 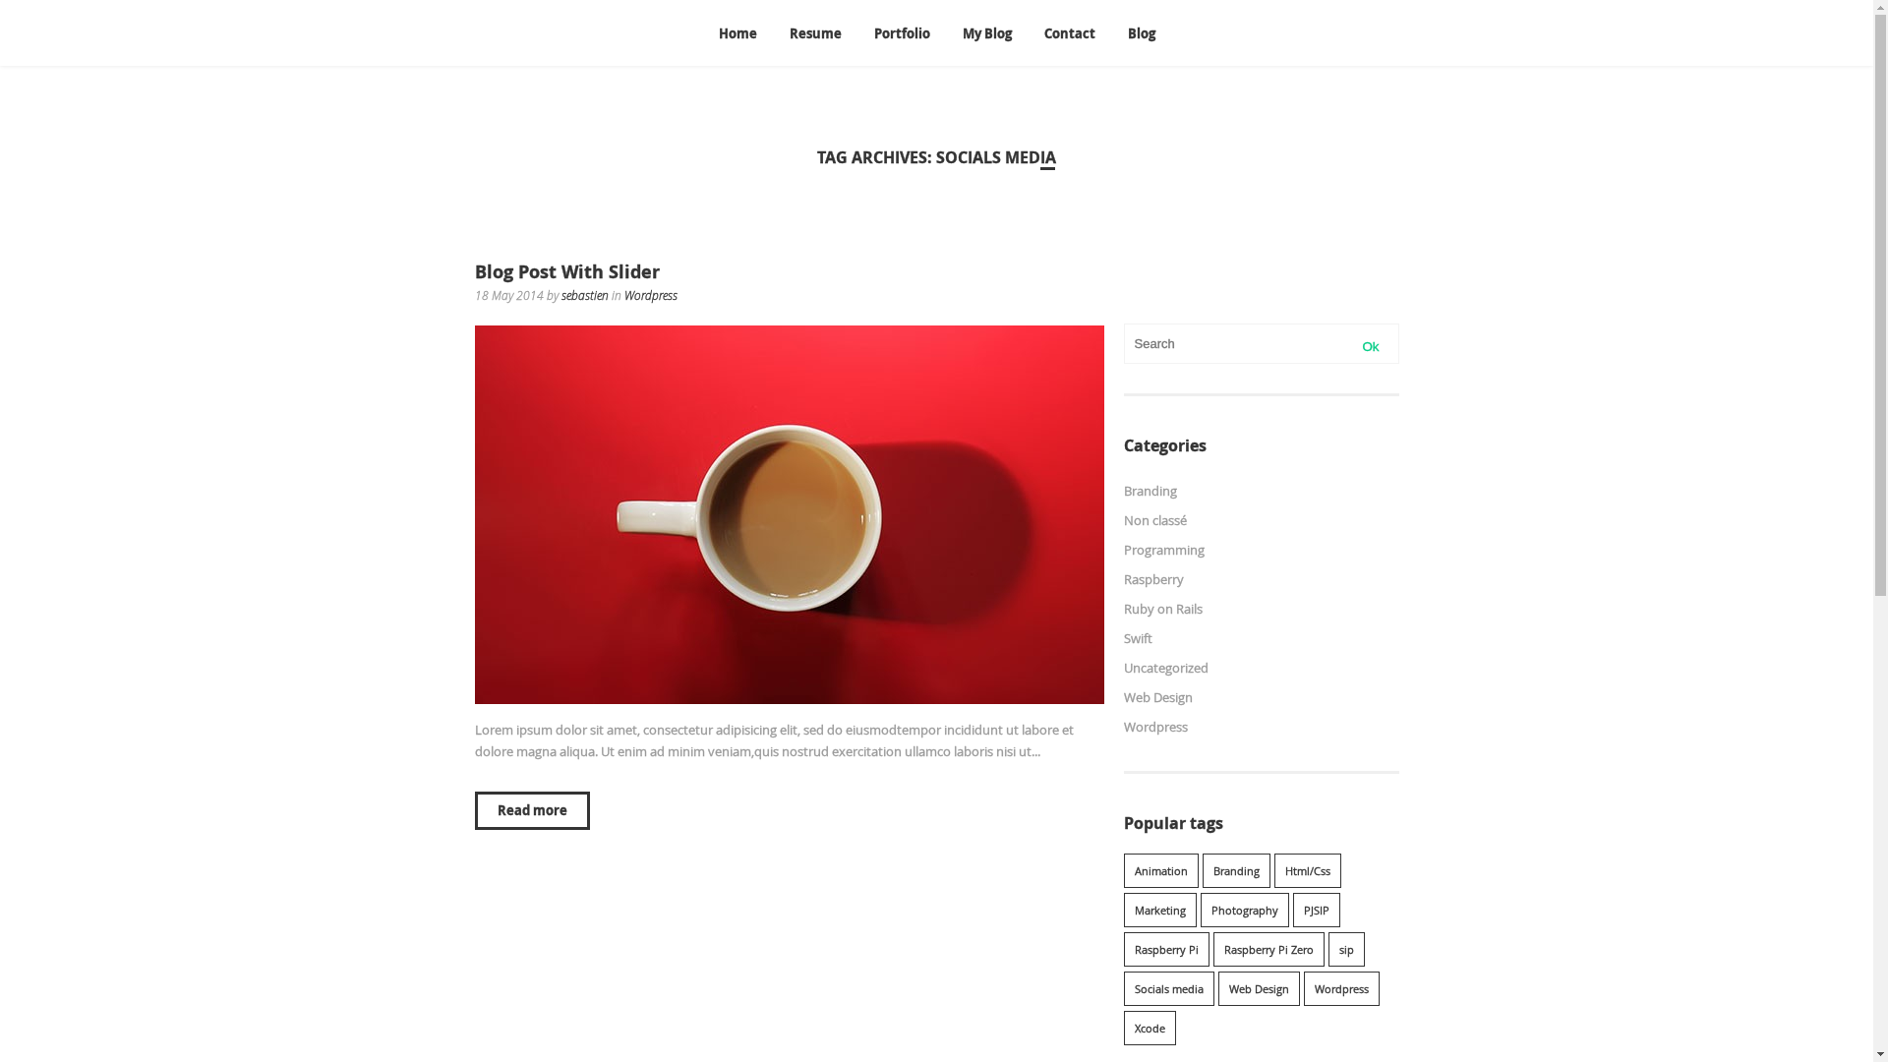 What do you see at coordinates (1150, 489) in the screenshot?
I see `'Branding'` at bounding box center [1150, 489].